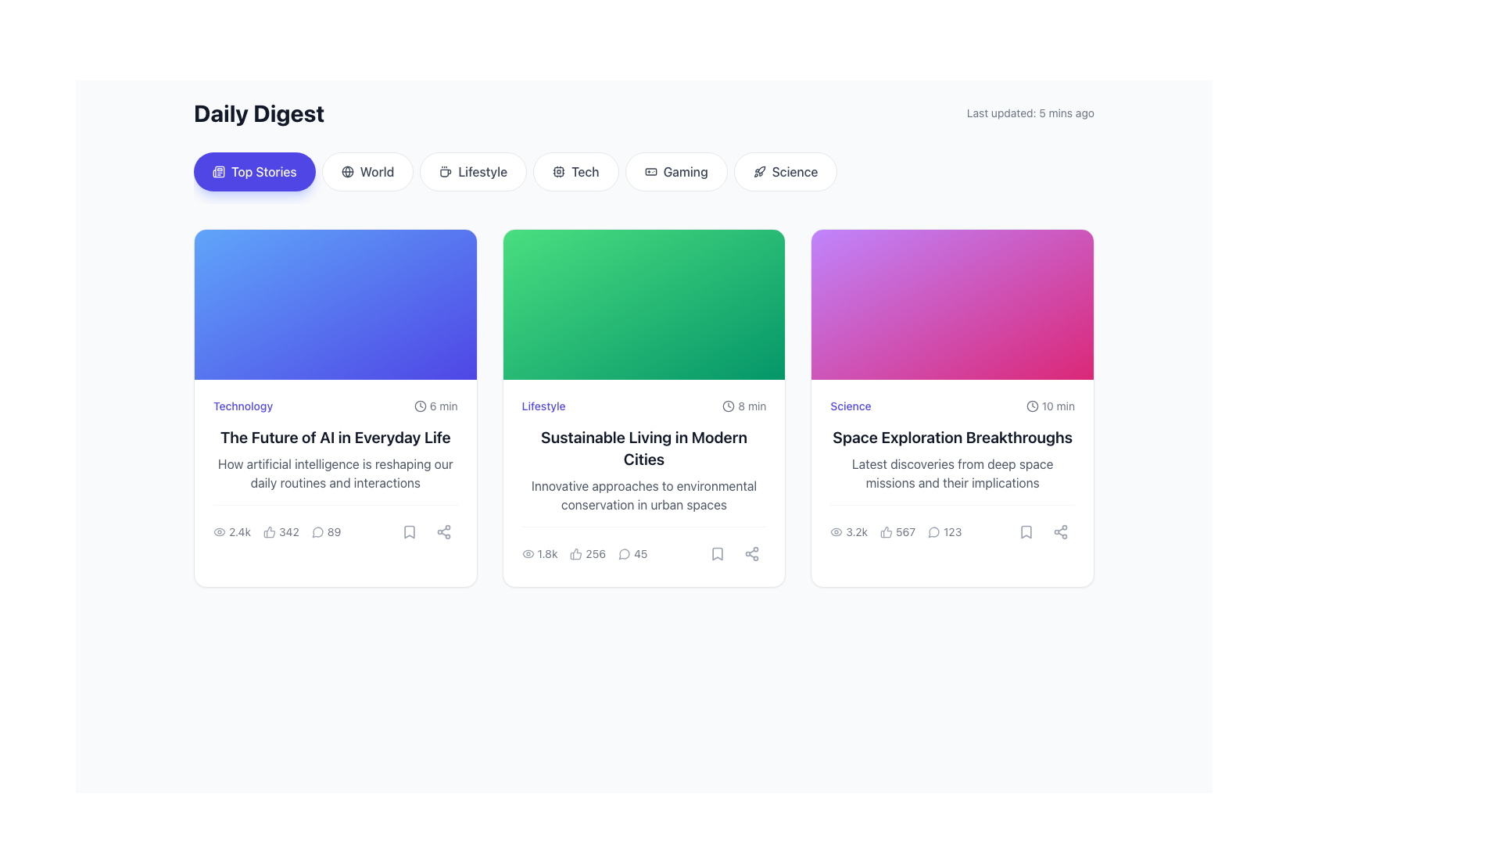  What do you see at coordinates (543, 406) in the screenshot?
I see `the text label displaying the category or genre of the article titled 'Sustainable Living in Modern Cities', located at the top left corner of the green article card` at bounding box center [543, 406].